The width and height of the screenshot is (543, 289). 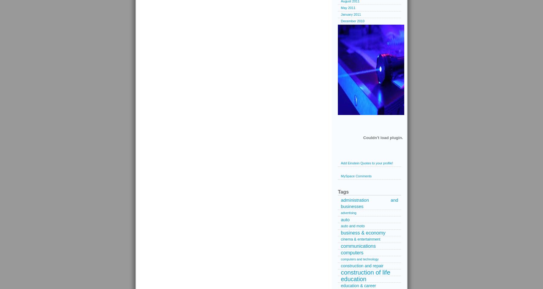 I want to click on 'education', so click(x=353, y=279).